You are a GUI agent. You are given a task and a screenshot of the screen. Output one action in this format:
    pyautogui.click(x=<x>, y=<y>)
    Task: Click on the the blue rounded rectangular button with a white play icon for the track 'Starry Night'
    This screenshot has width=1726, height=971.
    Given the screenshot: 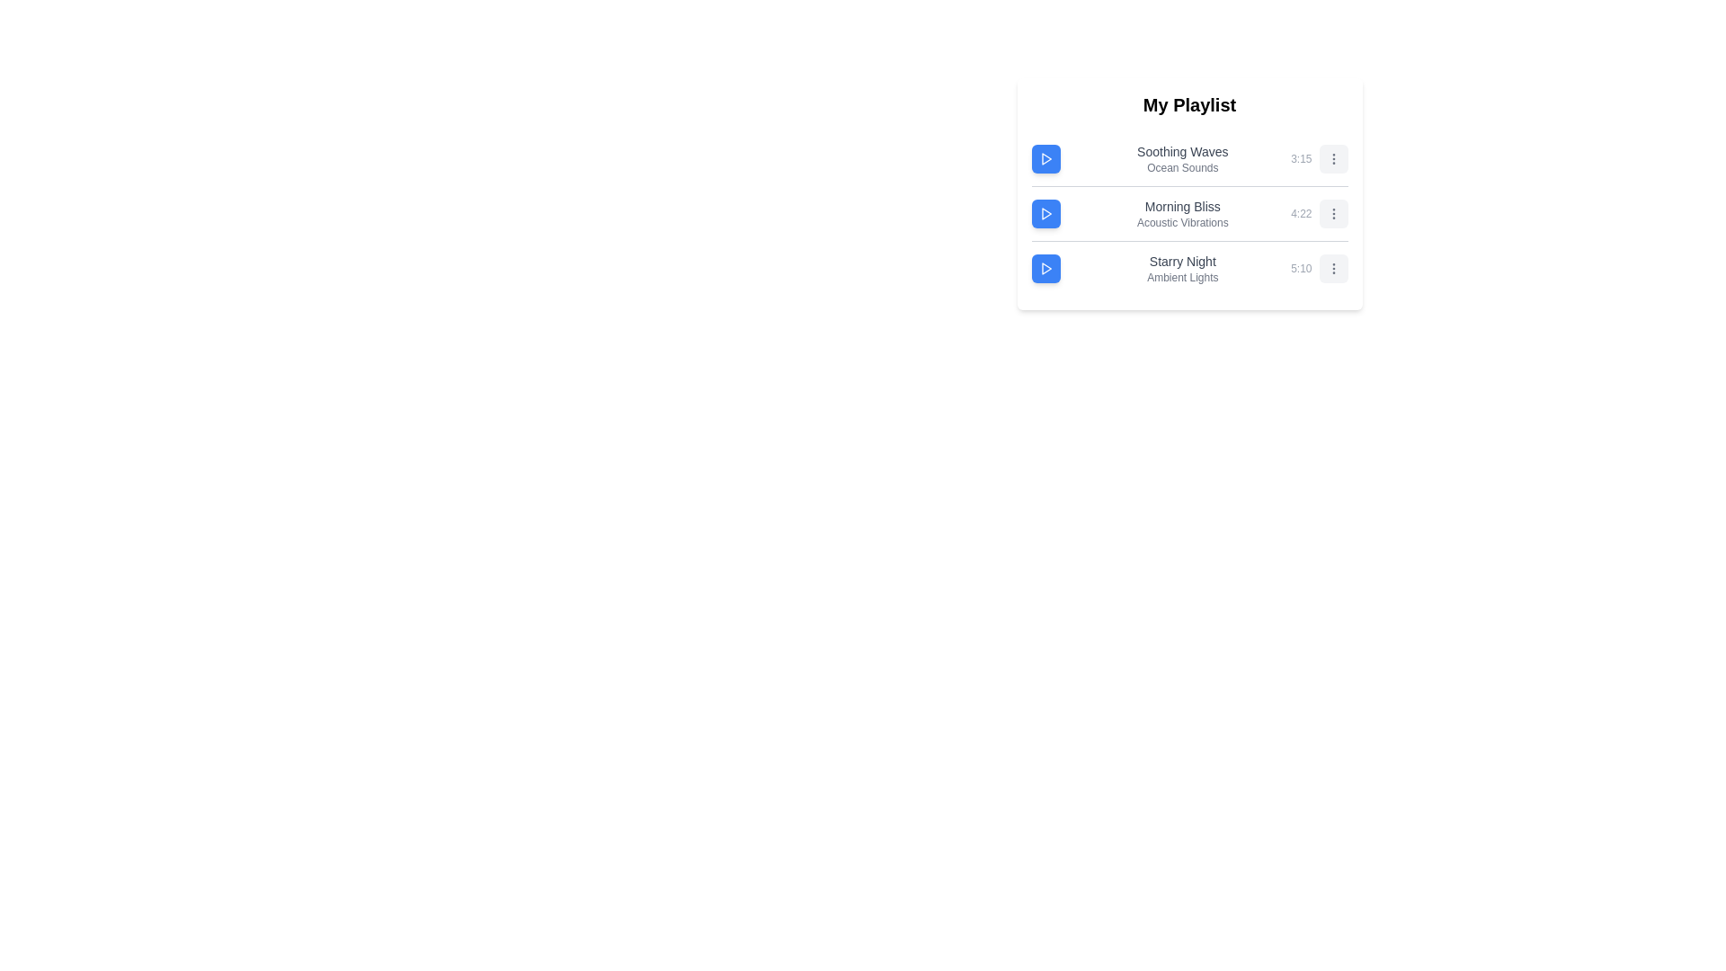 What is the action you would take?
    pyautogui.click(x=1045, y=269)
    